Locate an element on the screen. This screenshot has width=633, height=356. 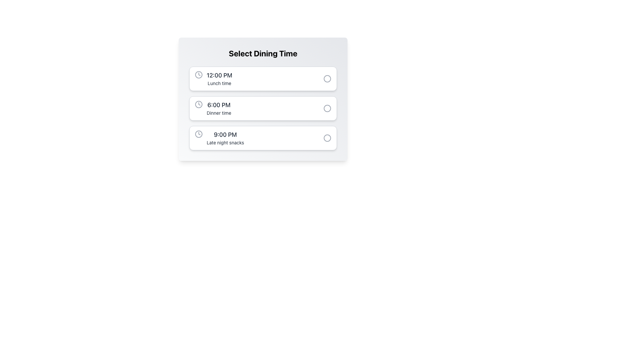
the clock-like icon with a circular border, styled in gray, located at the beginning of the row for '9:00 PM Late night snacks' is located at coordinates (198, 134).